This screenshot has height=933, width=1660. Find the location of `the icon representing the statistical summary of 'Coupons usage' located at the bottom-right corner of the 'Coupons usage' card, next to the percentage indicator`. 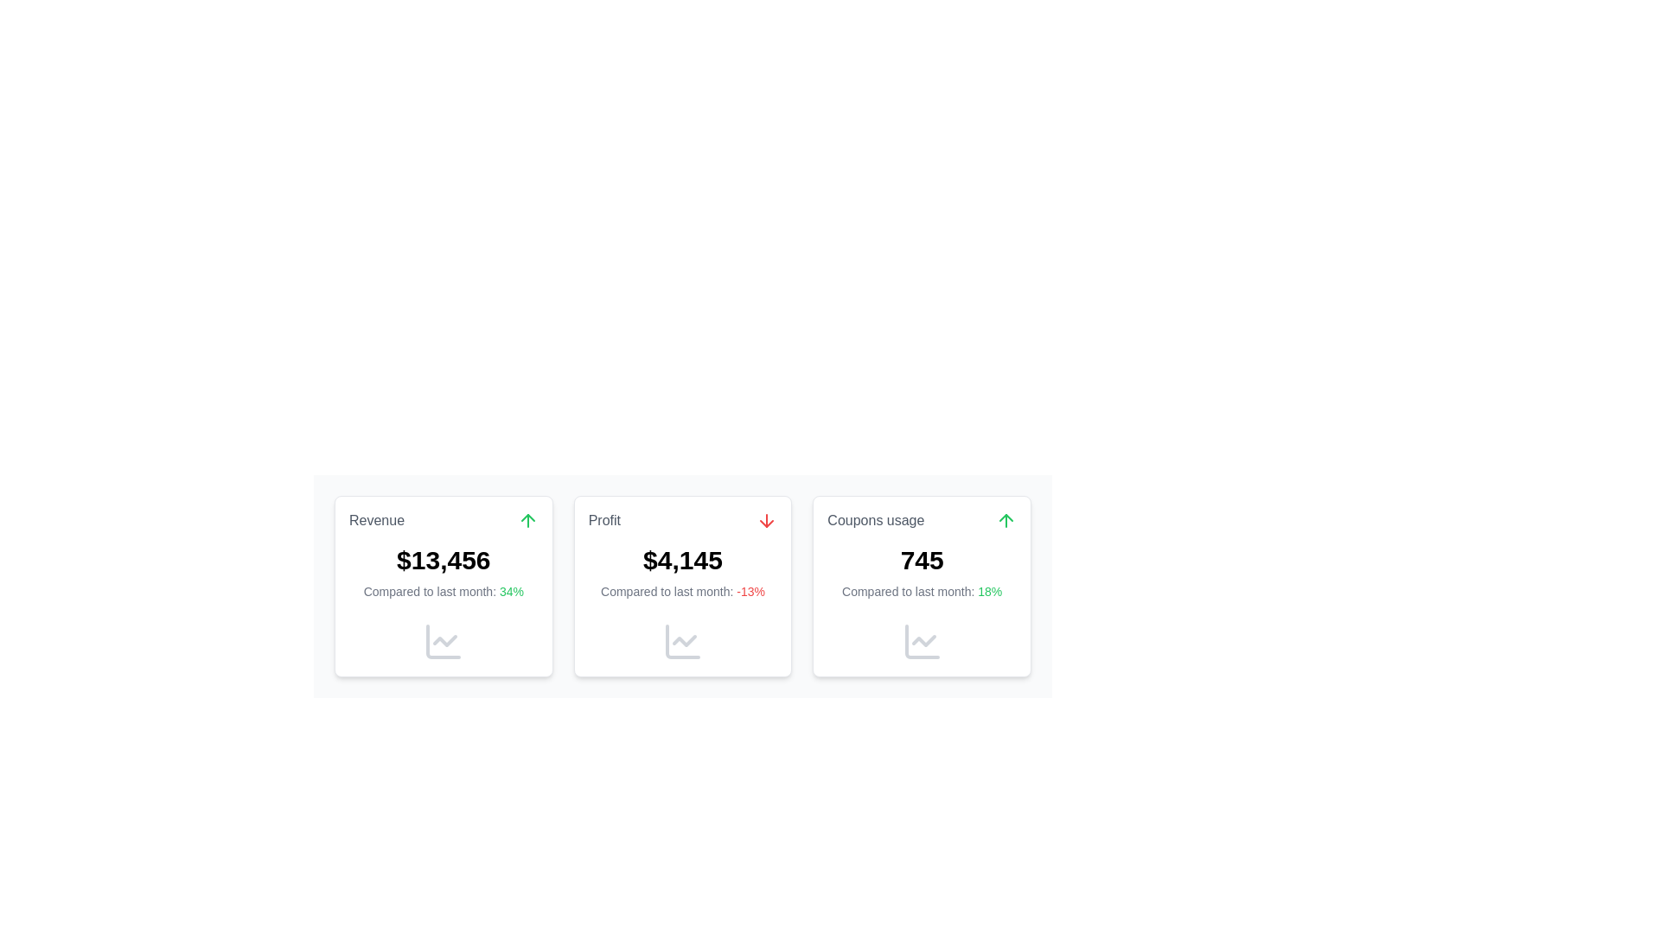

the icon representing the statistical summary of 'Coupons usage' located at the bottom-right corner of the 'Coupons usage' card, next to the percentage indicator is located at coordinates (921, 642).